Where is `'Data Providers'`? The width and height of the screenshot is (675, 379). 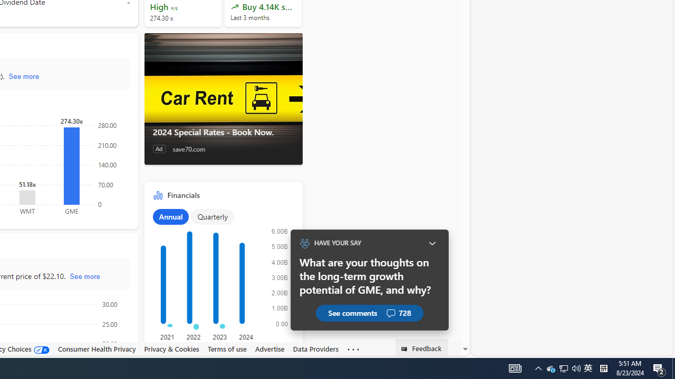 'Data Providers' is located at coordinates (315, 348).